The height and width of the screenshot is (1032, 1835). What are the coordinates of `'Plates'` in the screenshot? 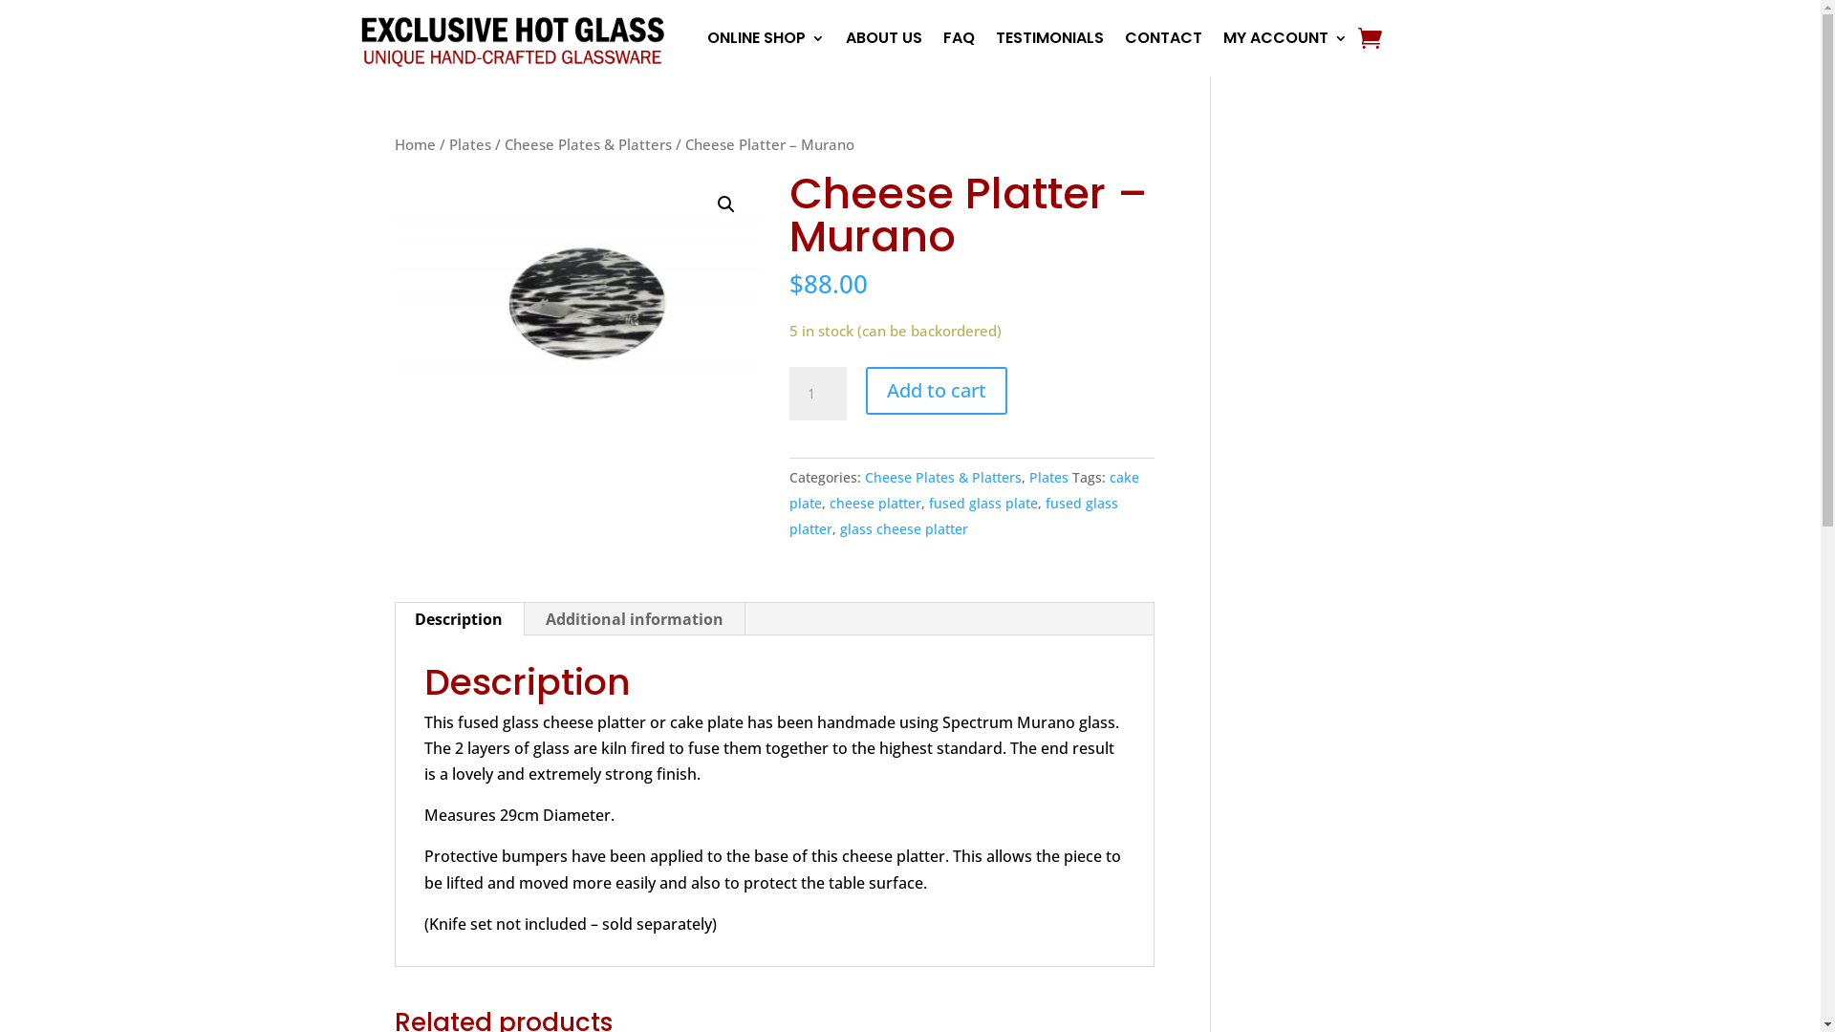 It's located at (1047, 476).